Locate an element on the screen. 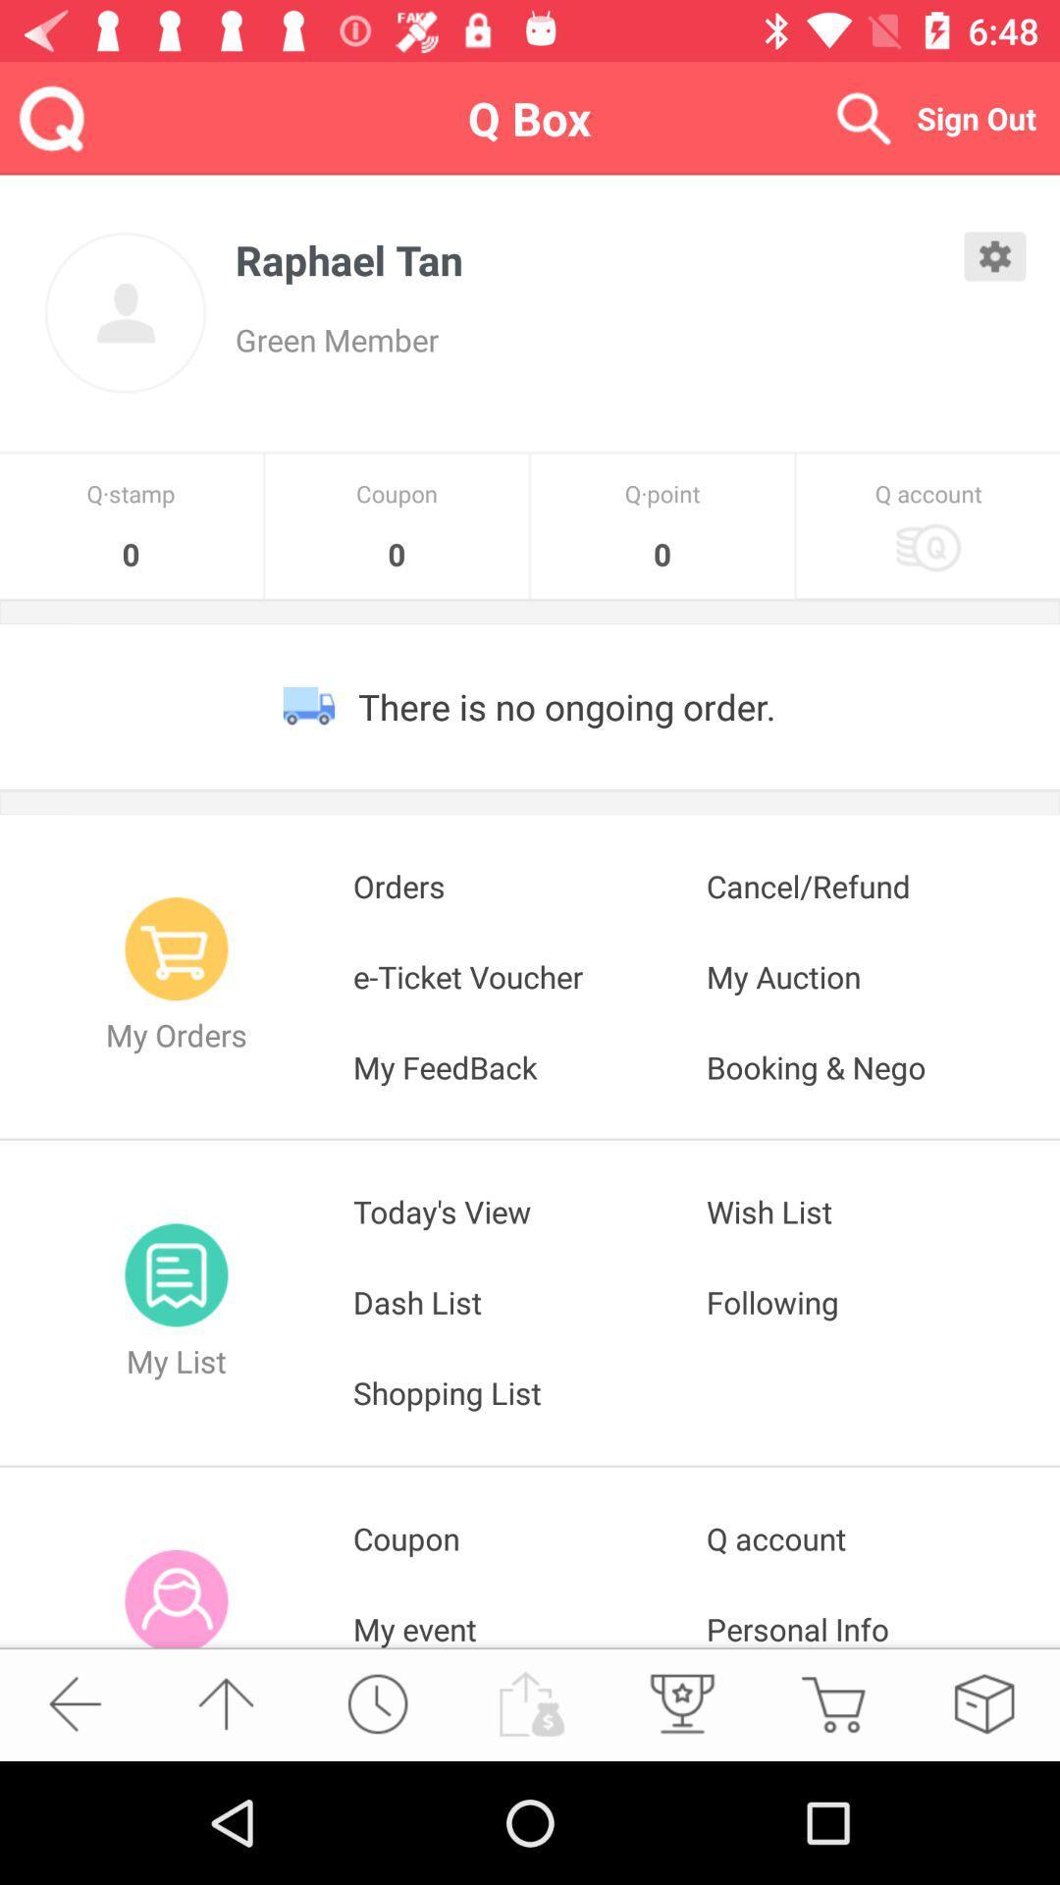 The width and height of the screenshot is (1060, 1885). icon next to the cancel/refund is located at coordinates (530, 976).